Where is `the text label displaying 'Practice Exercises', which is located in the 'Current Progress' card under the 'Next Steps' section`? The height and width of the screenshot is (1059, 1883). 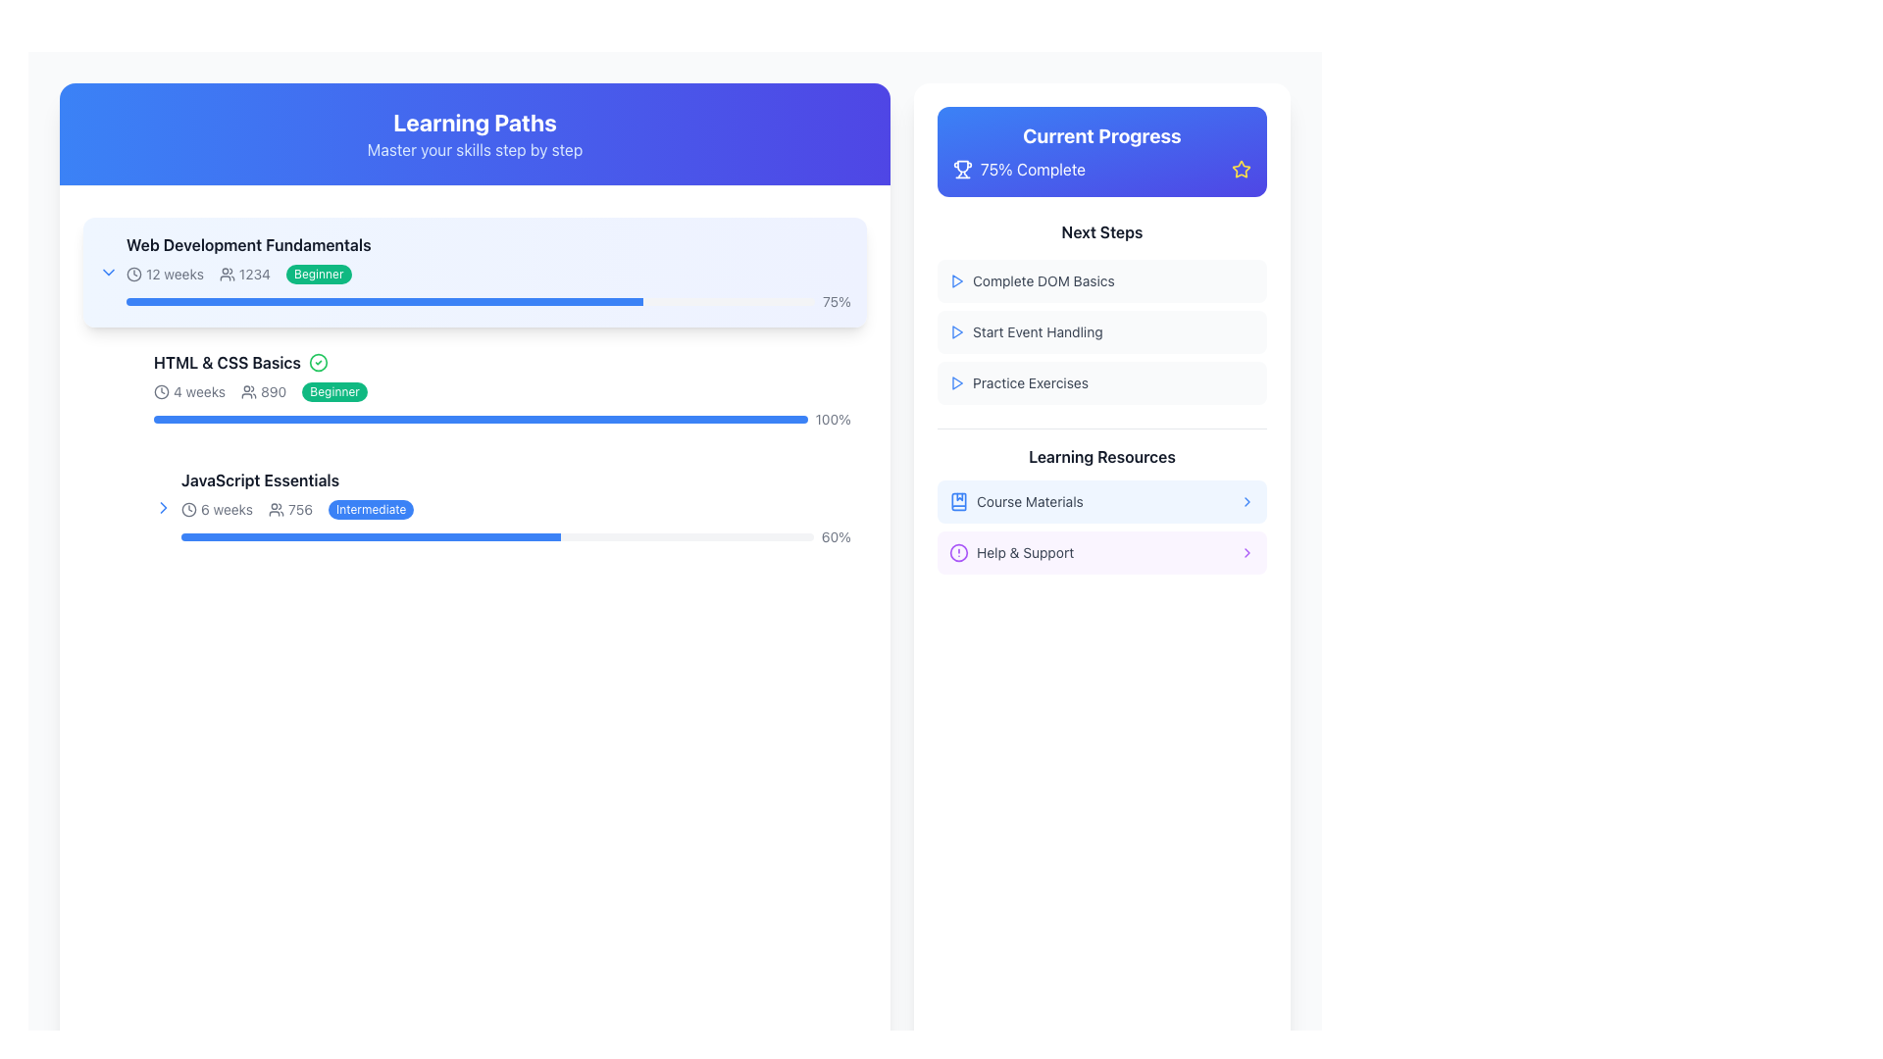
the text label displaying 'Practice Exercises', which is located in the 'Current Progress' card under the 'Next Steps' section is located at coordinates (1030, 382).